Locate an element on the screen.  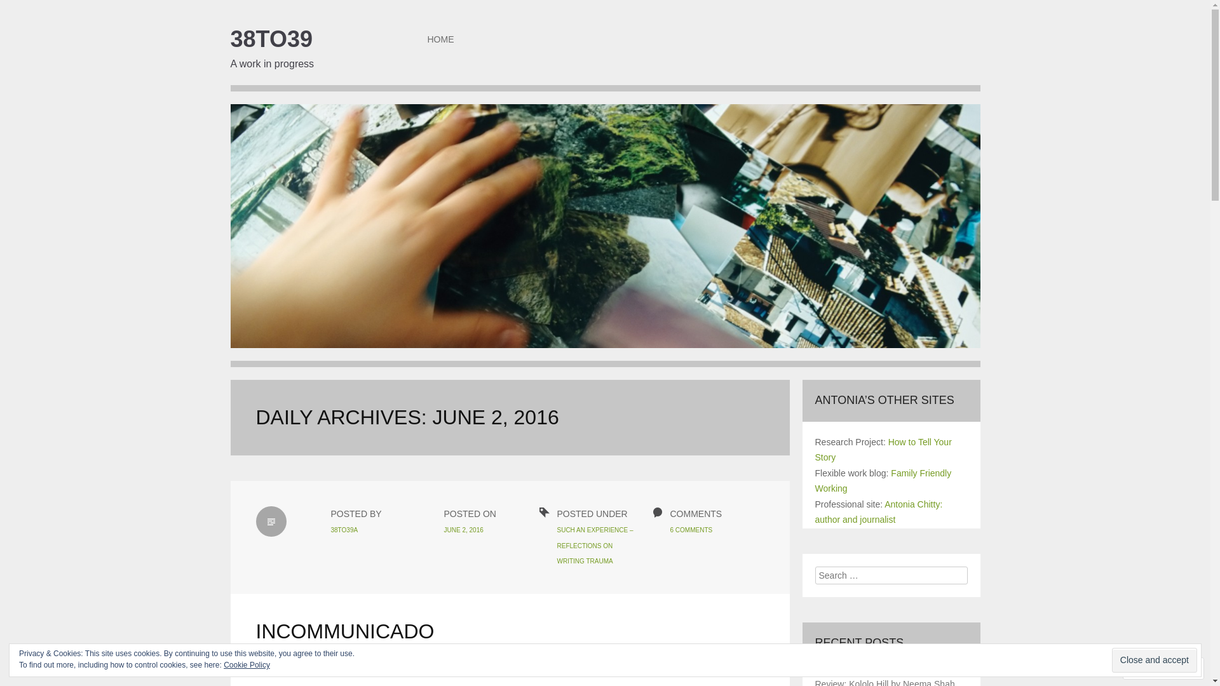
'Family Friendly Working' is located at coordinates (882, 481).